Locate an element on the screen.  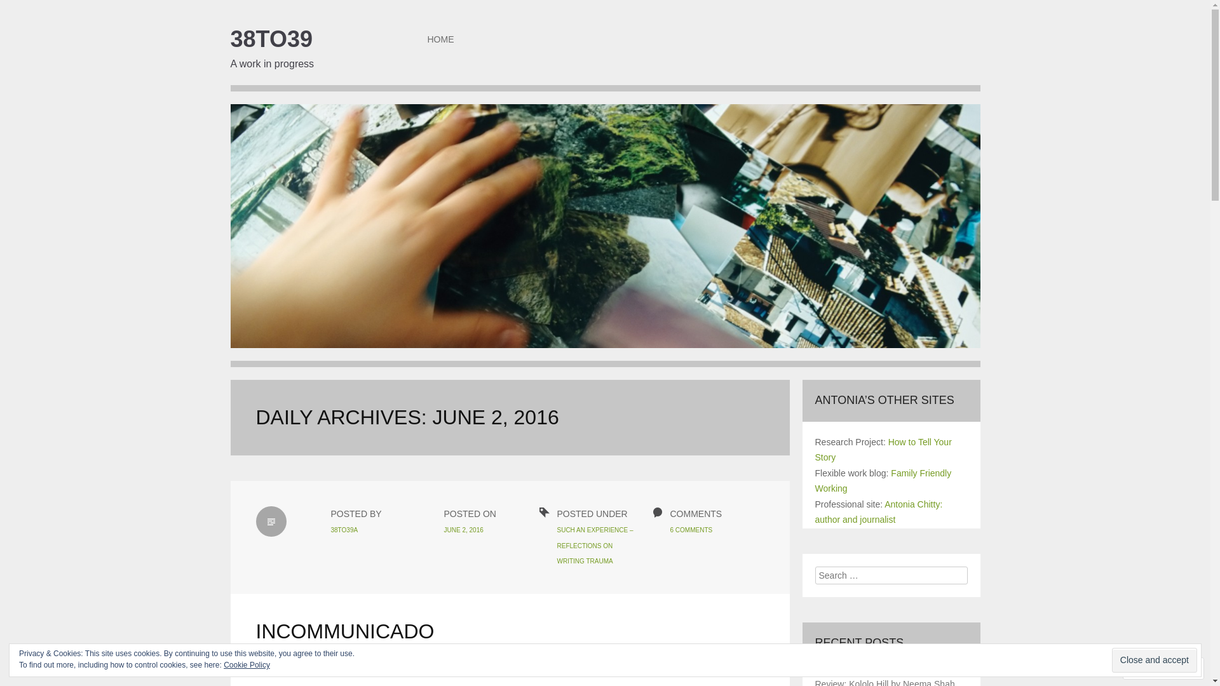
'Family Friendly Working' is located at coordinates (882, 481).